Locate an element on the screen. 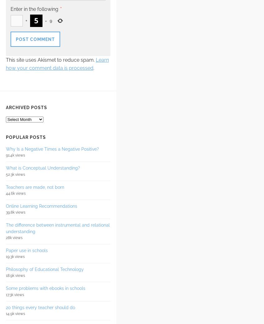 The width and height of the screenshot is (264, 324). 'Why Is a Negative Times a Negative Positive?' is located at coordinates (51, 149).